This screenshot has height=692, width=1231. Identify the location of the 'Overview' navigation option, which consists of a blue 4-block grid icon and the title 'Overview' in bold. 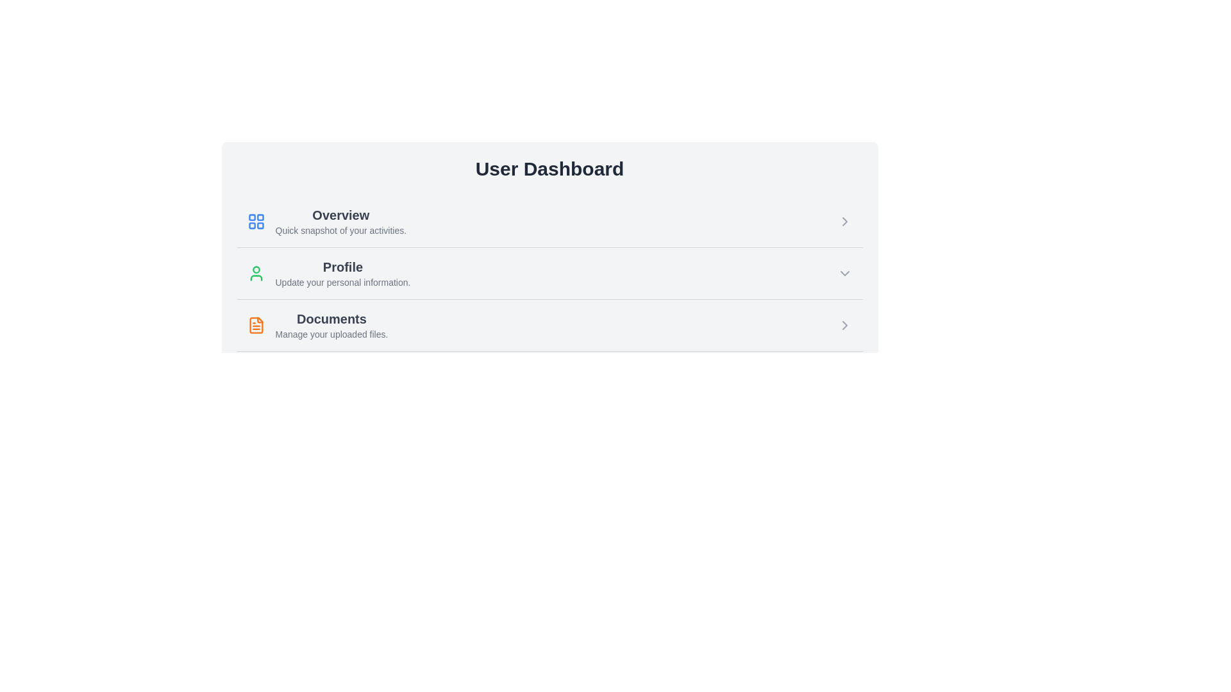
(326, 221).